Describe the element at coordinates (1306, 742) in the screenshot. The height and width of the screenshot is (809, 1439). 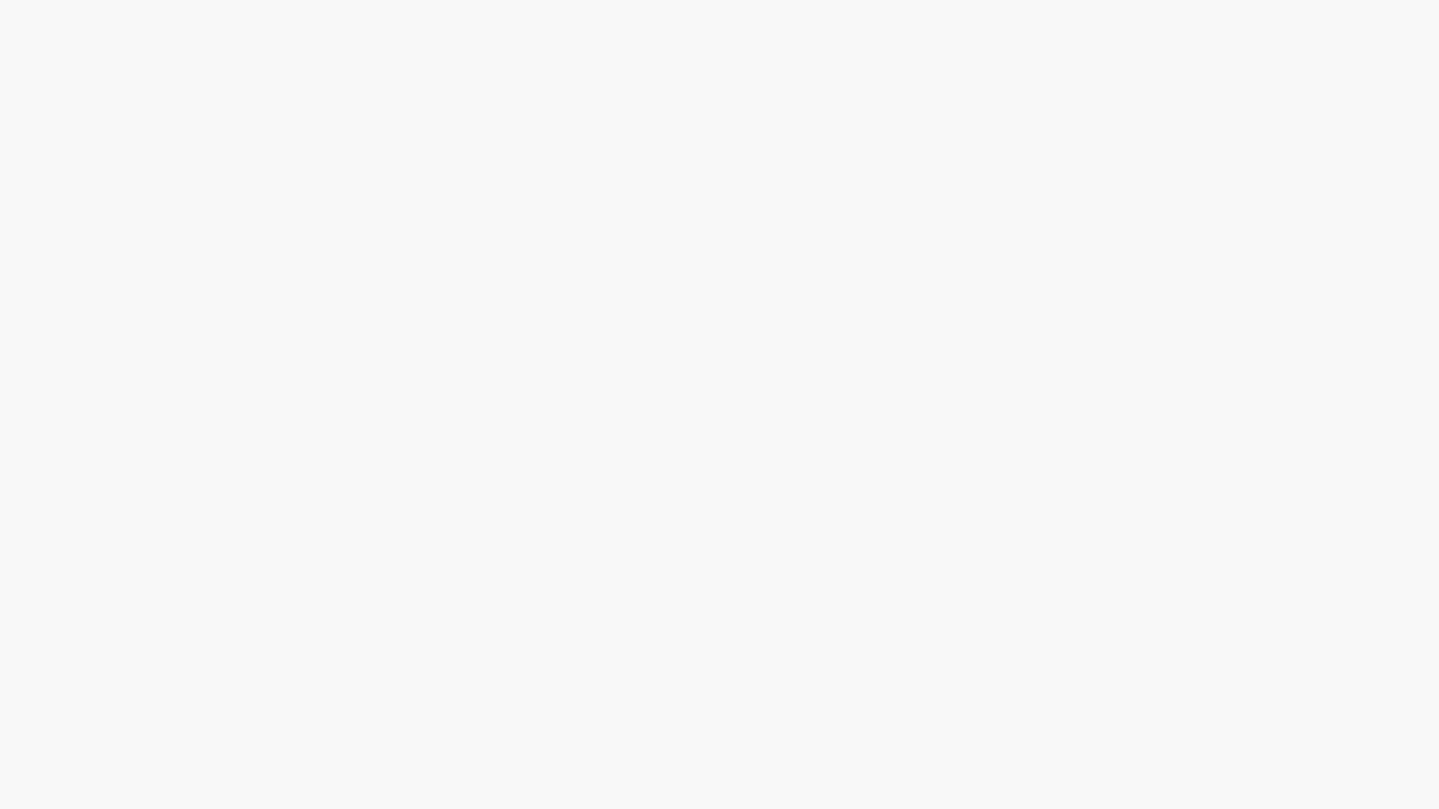
I see `Botao Compartilhar` at that location.